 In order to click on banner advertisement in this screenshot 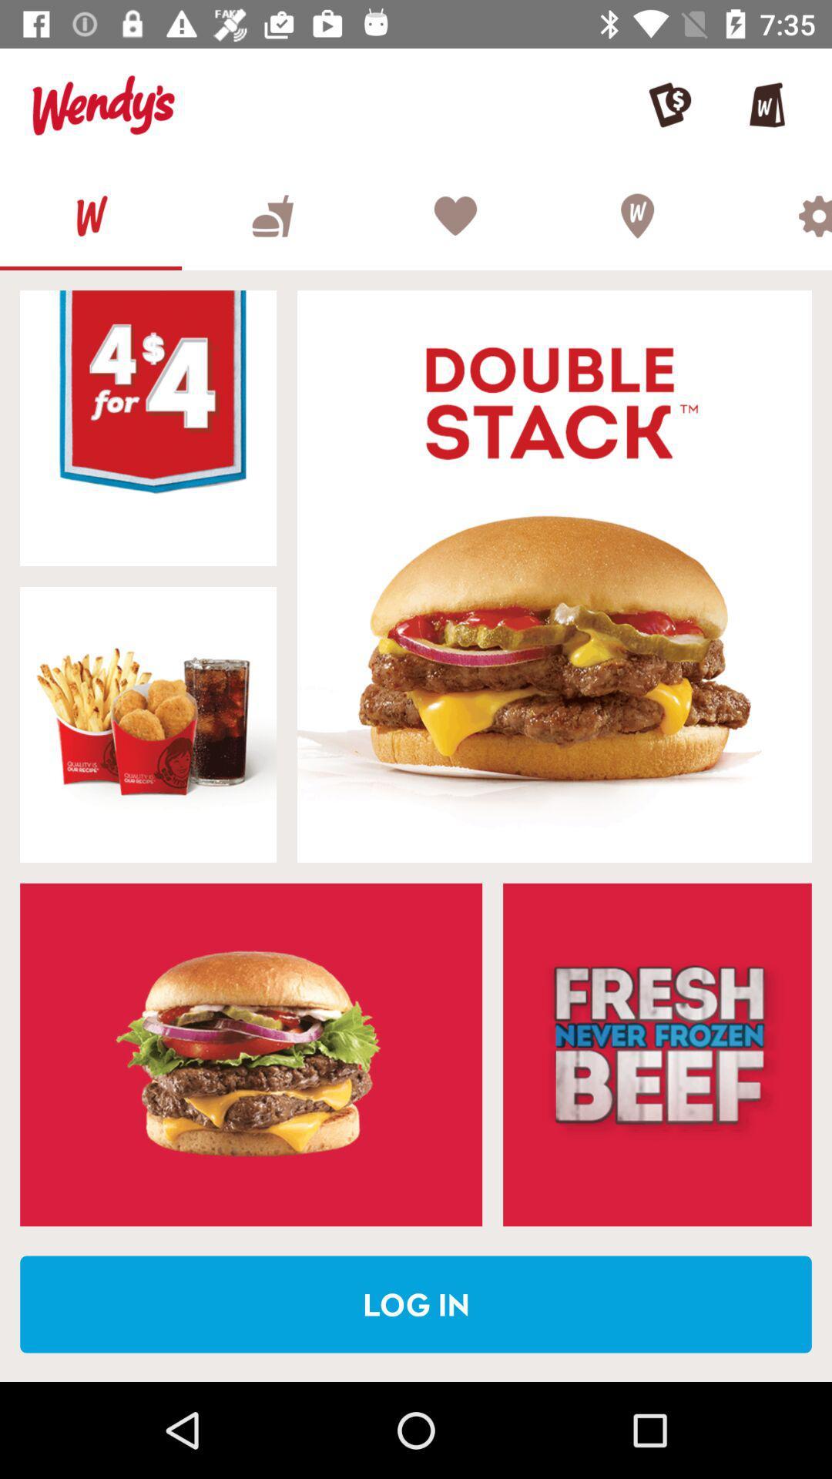, I will do `click(148, 428)`.